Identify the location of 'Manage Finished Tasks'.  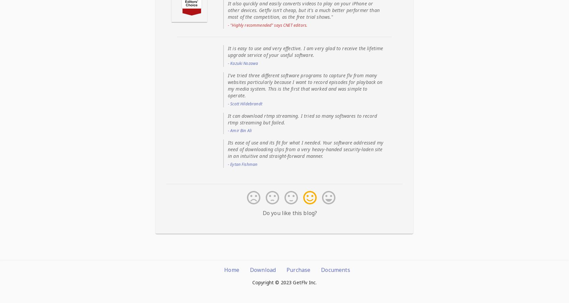
(228, 56).